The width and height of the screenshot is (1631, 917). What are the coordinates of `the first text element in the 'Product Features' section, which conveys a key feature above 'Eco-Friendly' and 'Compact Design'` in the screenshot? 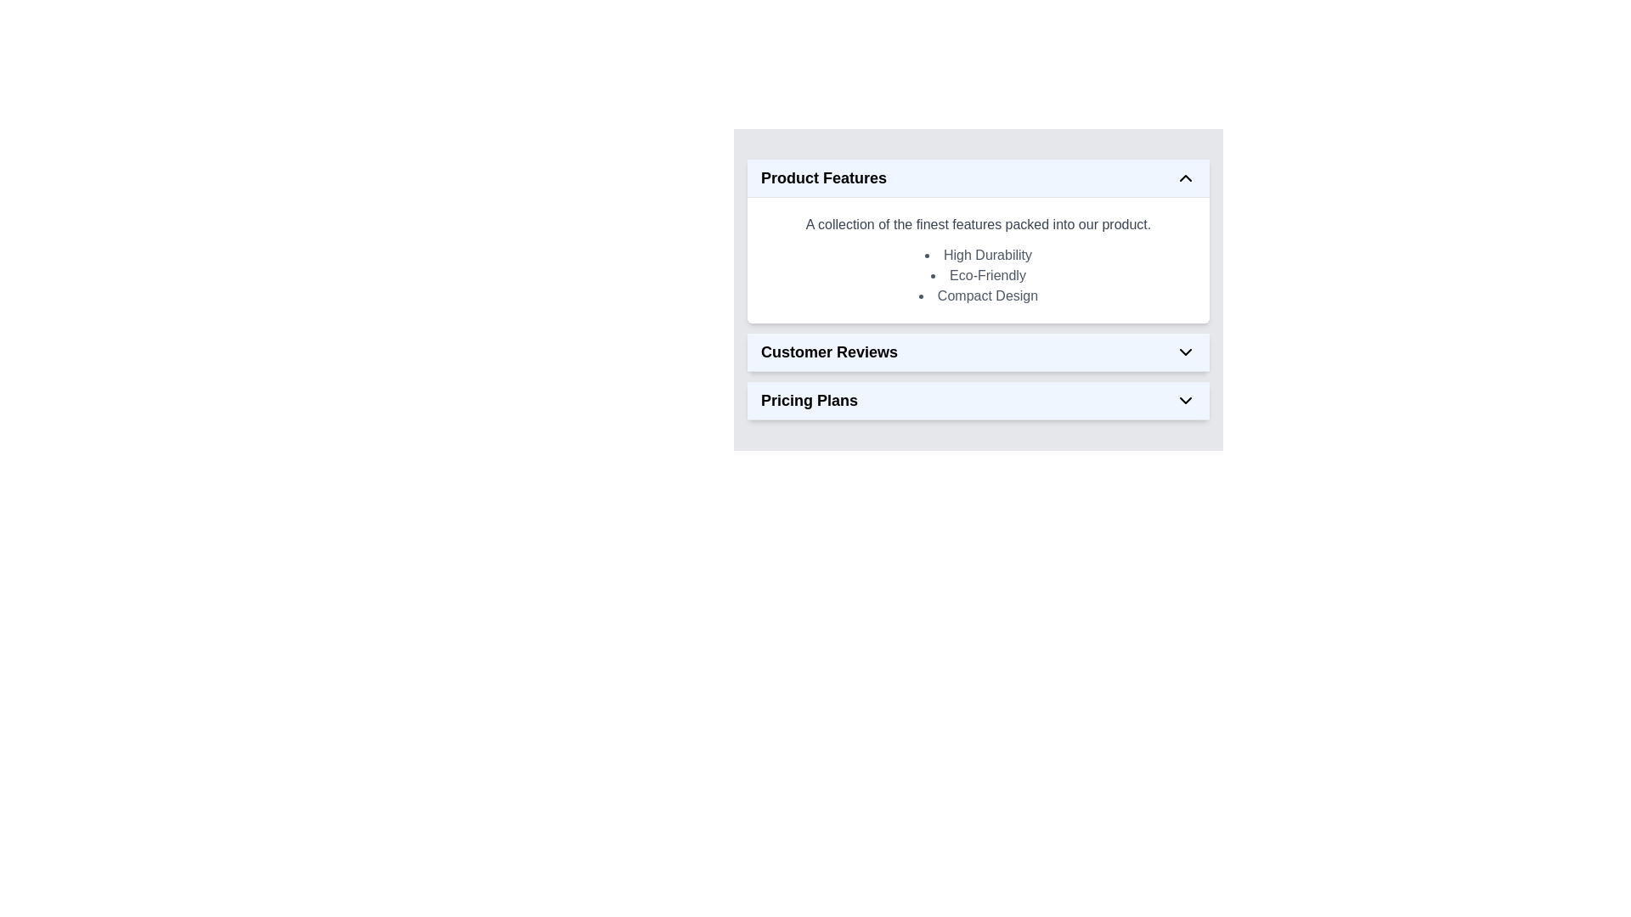 It's located at (979, 255).